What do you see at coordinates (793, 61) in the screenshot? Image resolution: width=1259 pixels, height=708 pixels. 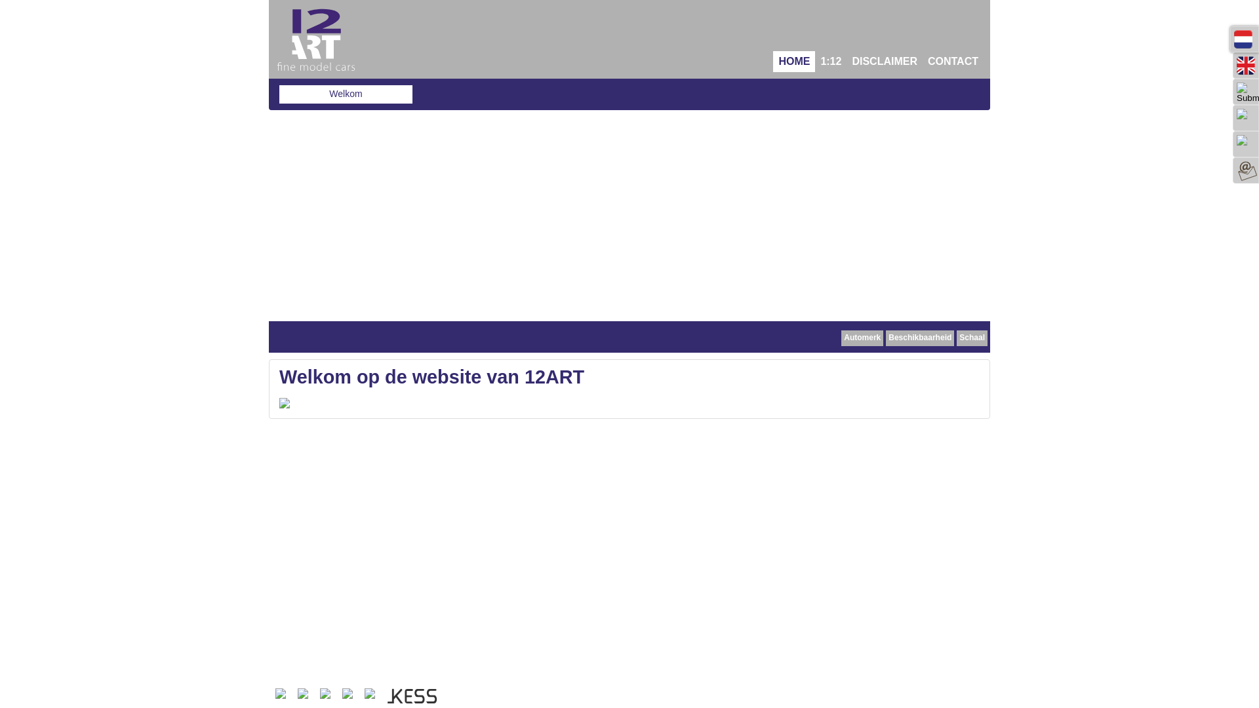 I see `'HOME'` at bounding box center [793, 61].